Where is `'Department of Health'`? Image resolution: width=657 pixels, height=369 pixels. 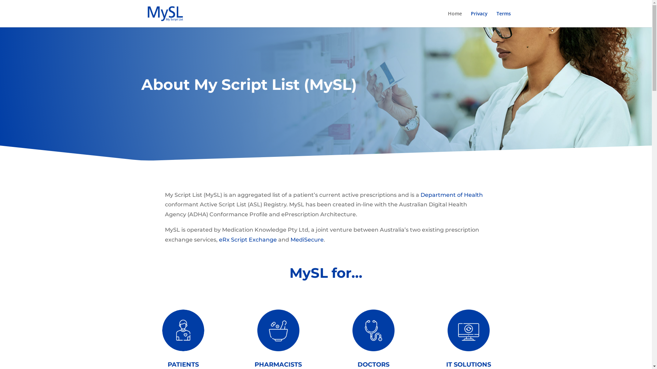
'Department of Health' is located at coordinates (451, 195).